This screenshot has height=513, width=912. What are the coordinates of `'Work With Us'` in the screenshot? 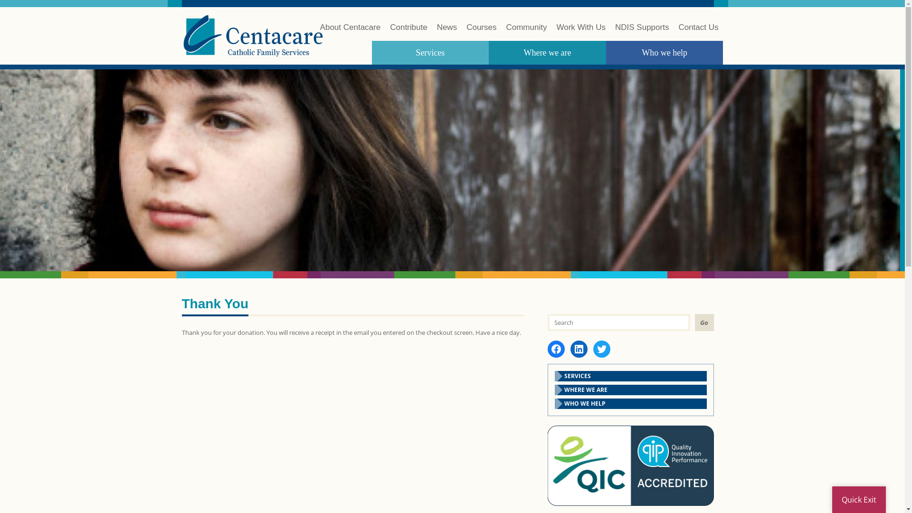 It's located at (580, 31).